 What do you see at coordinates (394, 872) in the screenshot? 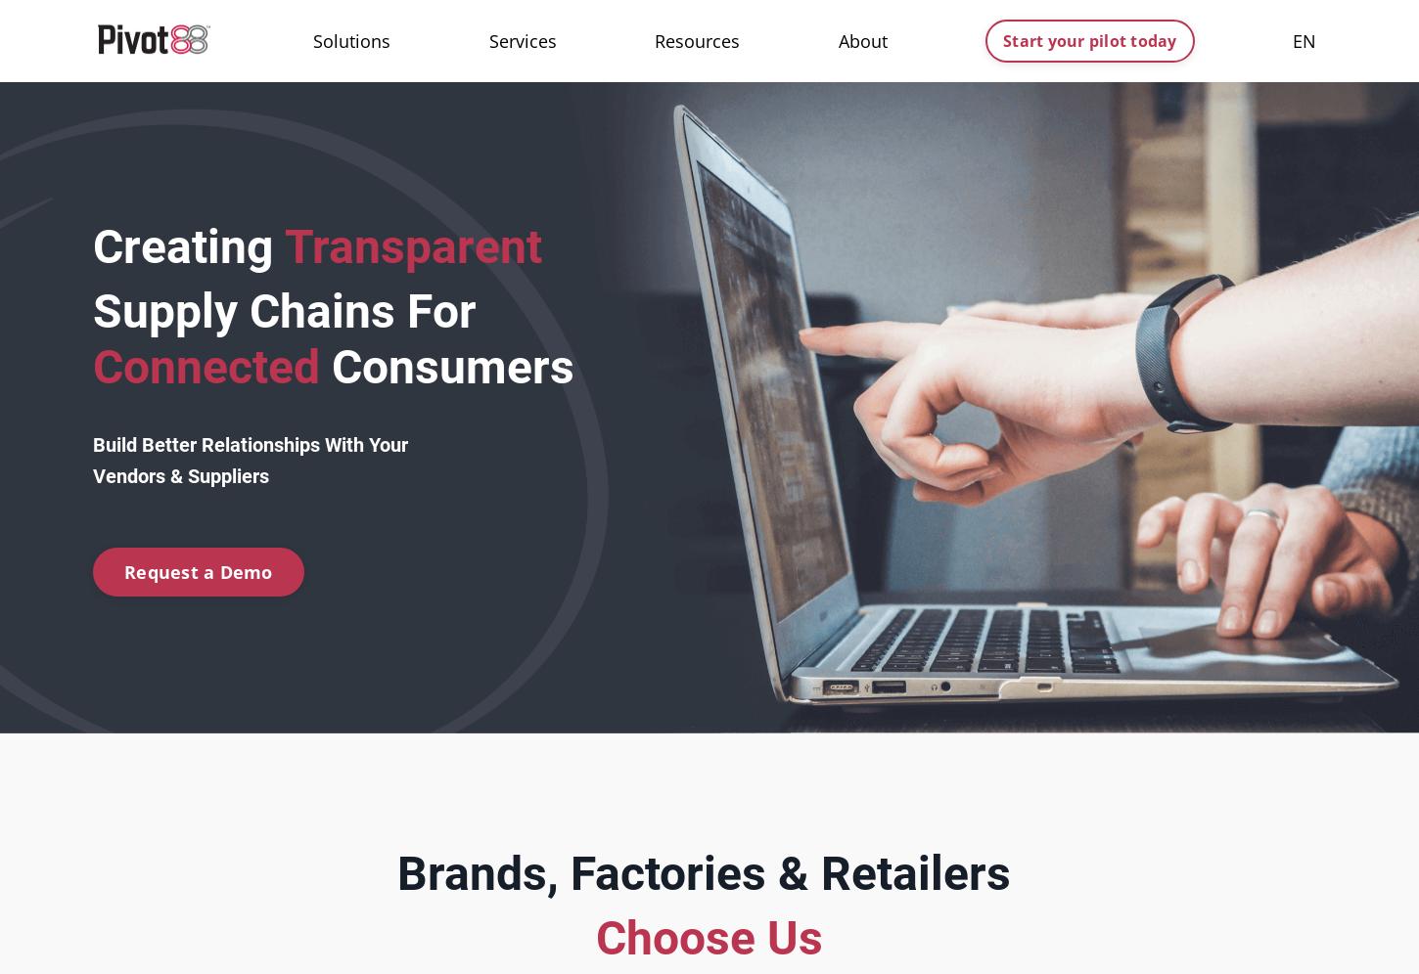
I see `'Brands, Factories & Retailers'` at bounding box center [394, 872].